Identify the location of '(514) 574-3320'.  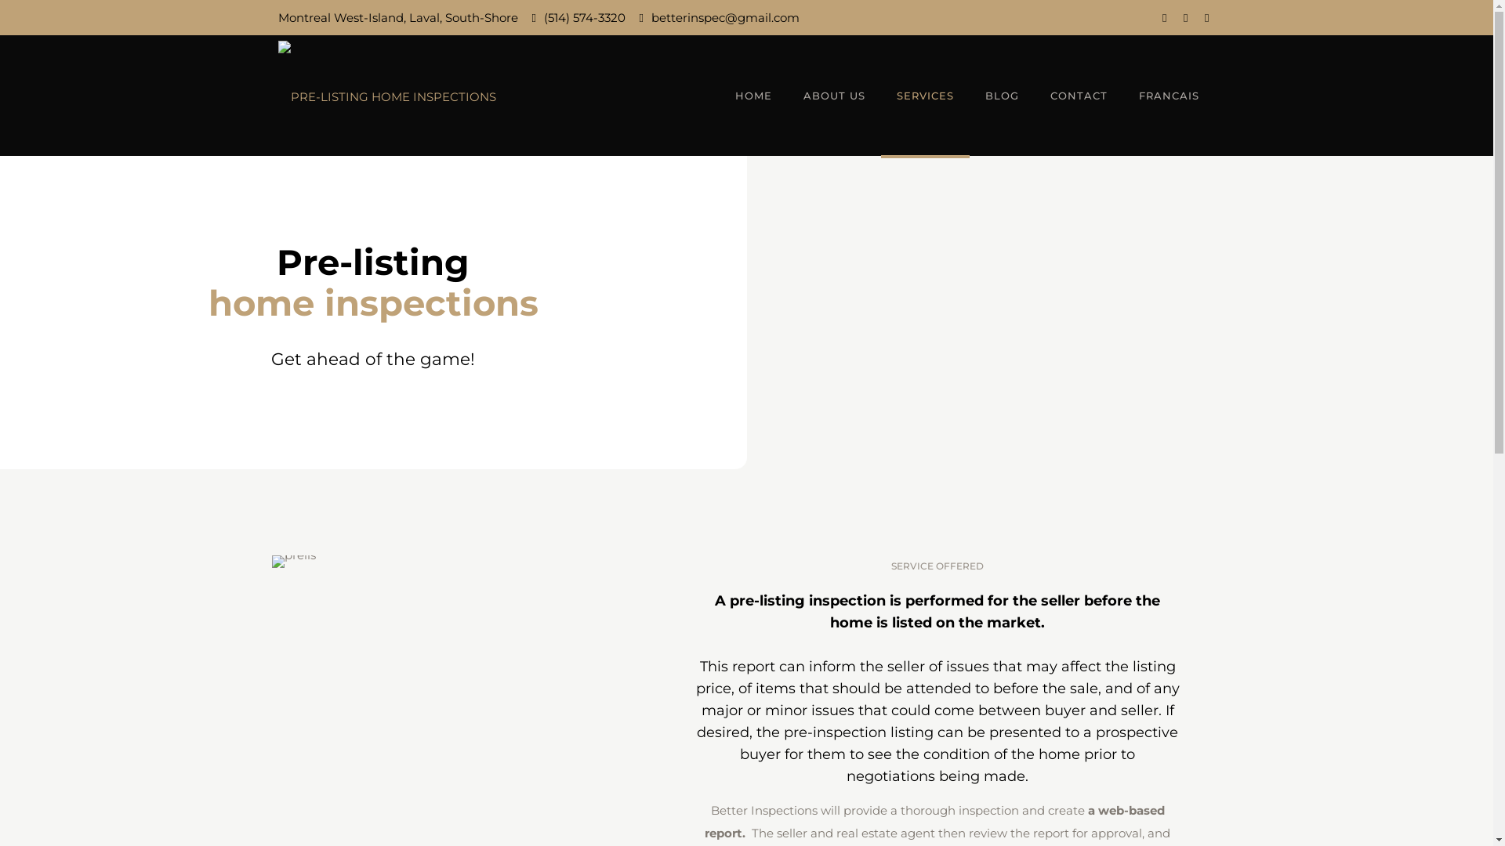
(544, 17).